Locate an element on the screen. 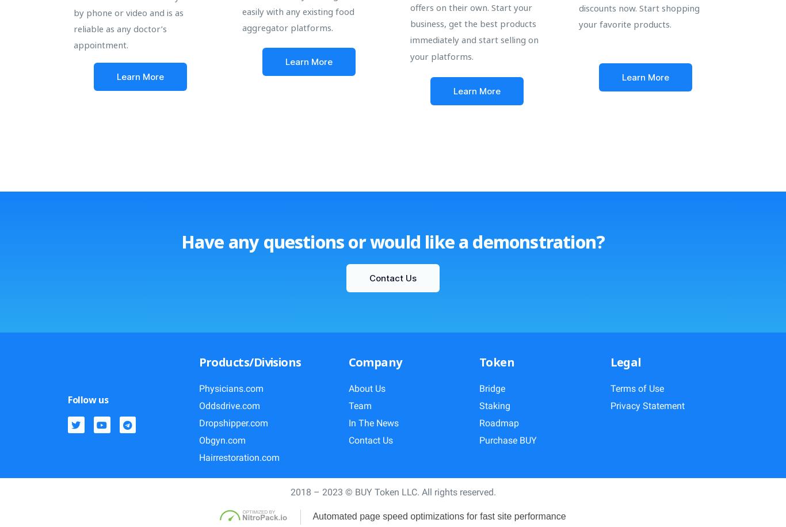 This screenshot has width=786, height=527. 'Staking' is located at coordinates (494, 406).